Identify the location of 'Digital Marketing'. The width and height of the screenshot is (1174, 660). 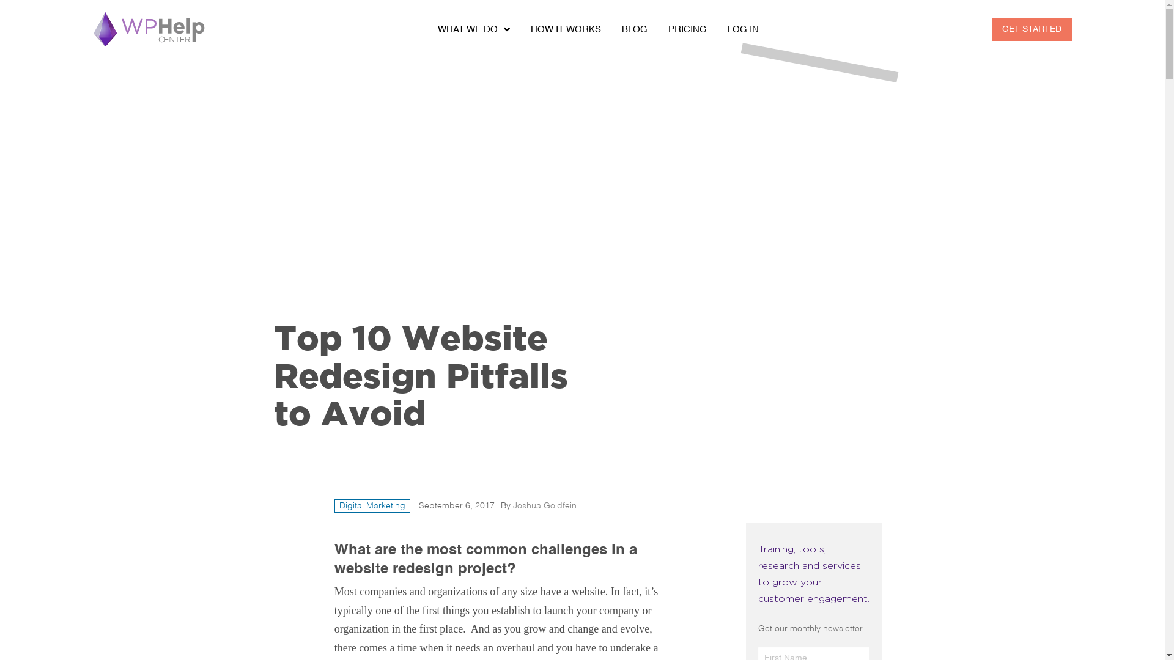
(372, 506).